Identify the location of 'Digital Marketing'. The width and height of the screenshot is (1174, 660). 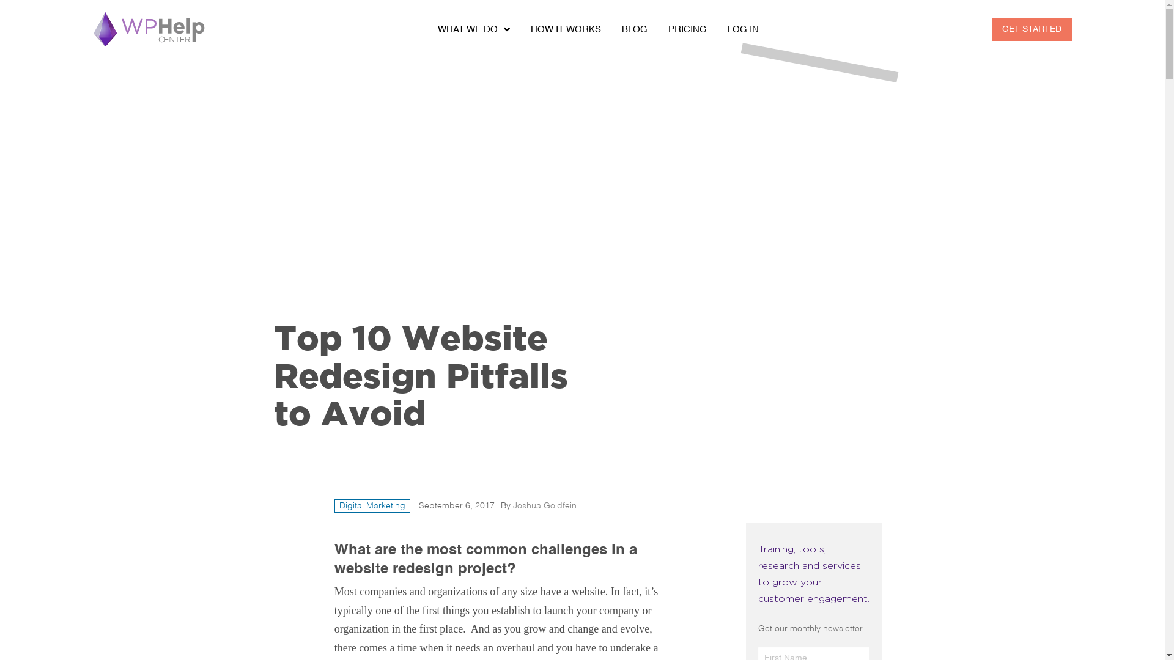
(372, 506).